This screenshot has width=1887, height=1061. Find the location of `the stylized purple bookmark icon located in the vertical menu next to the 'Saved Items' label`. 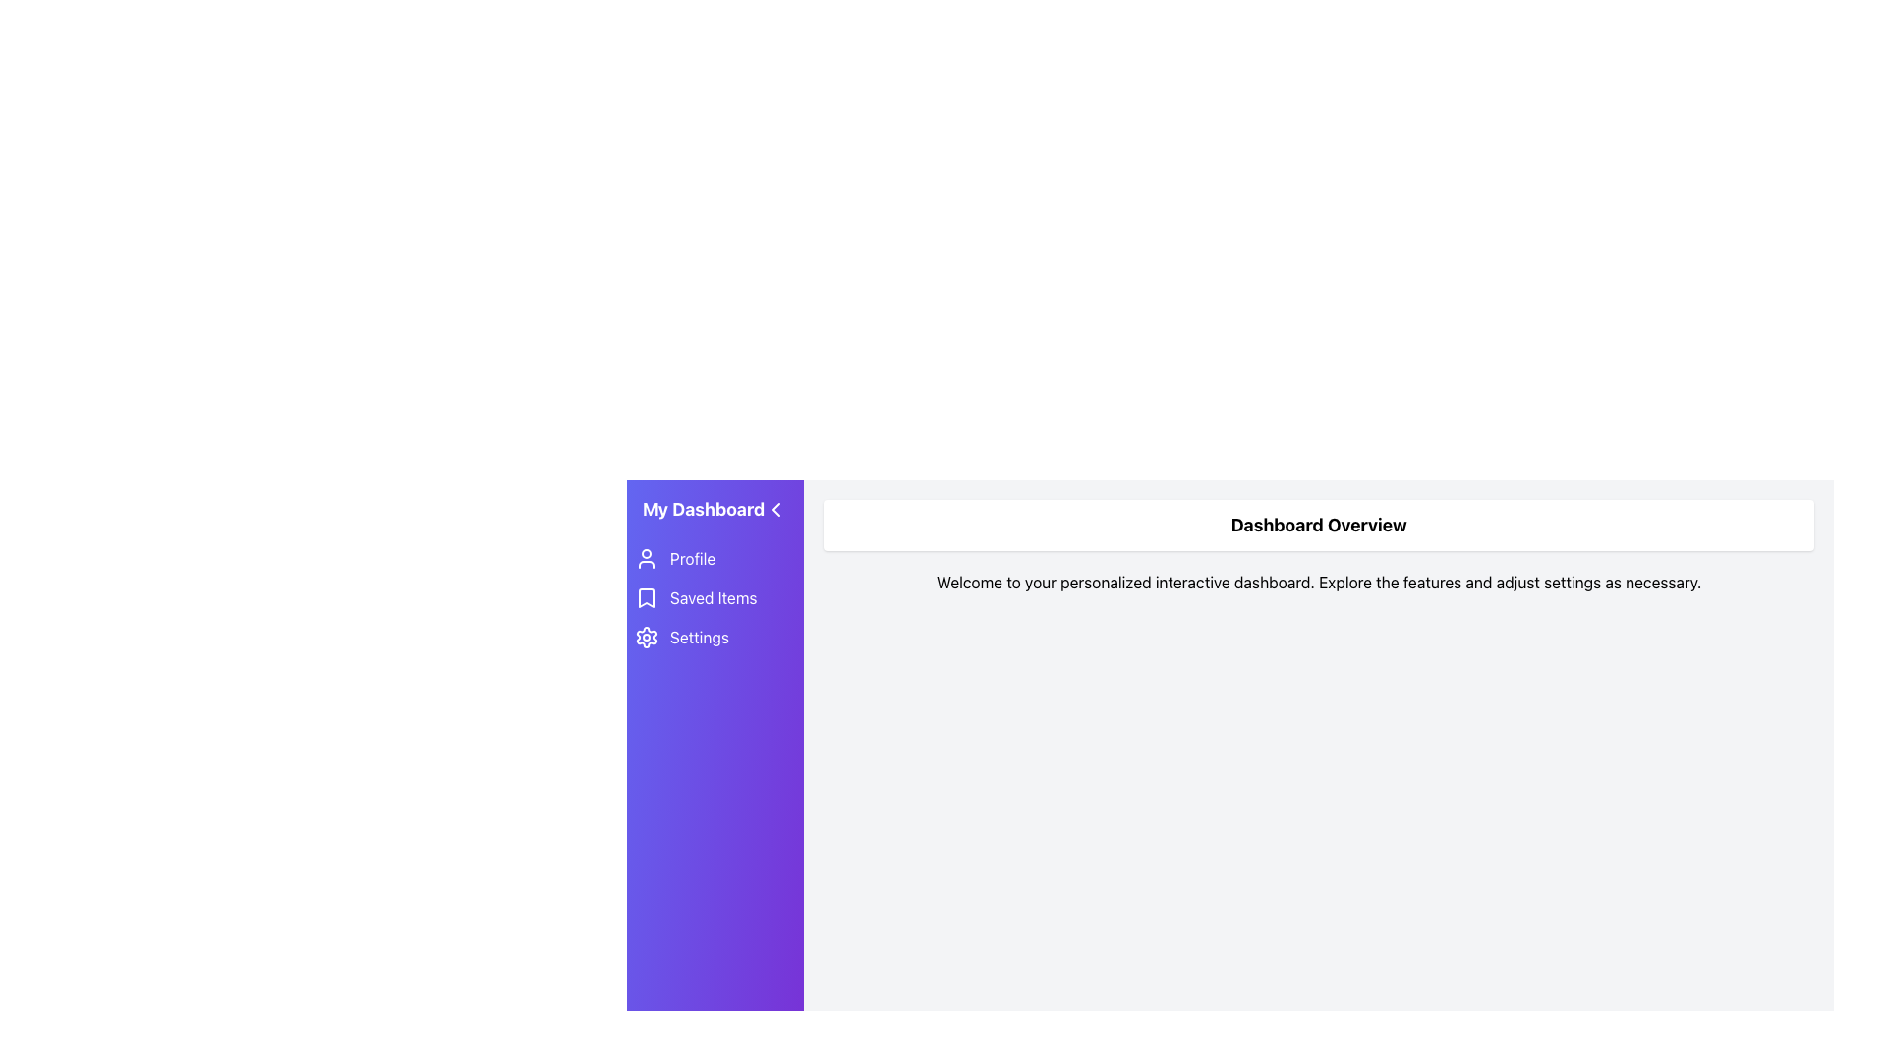

the stylized purple bookmark icon located in the vertical menu next to the 'Saved Items' label is located at coordinates (646, 597).